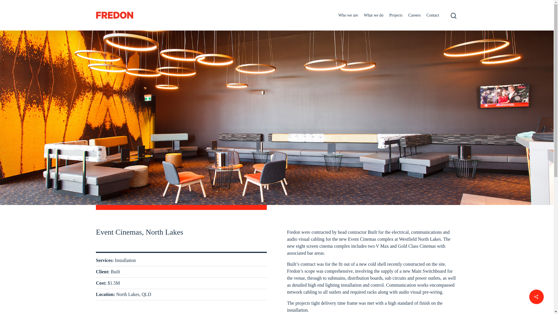 The image size is (558, 314). I want to click on 'Contact', so click(432, 15).